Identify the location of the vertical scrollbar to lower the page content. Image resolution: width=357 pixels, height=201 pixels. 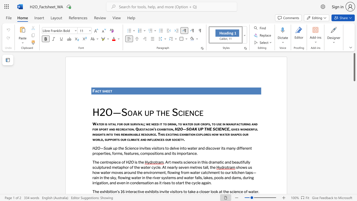
(354, 142).